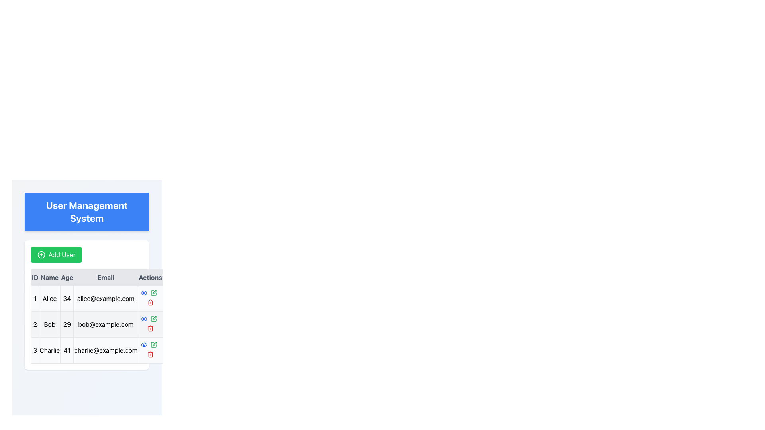 The height and width of the screenshot is (430, 765). What do you see at coordinates (35, 277) in the screenshot?
I see `the table header labeled 'ID' which has a gray background and is the first column of the user management system interface` at bounding box center [35, 277].